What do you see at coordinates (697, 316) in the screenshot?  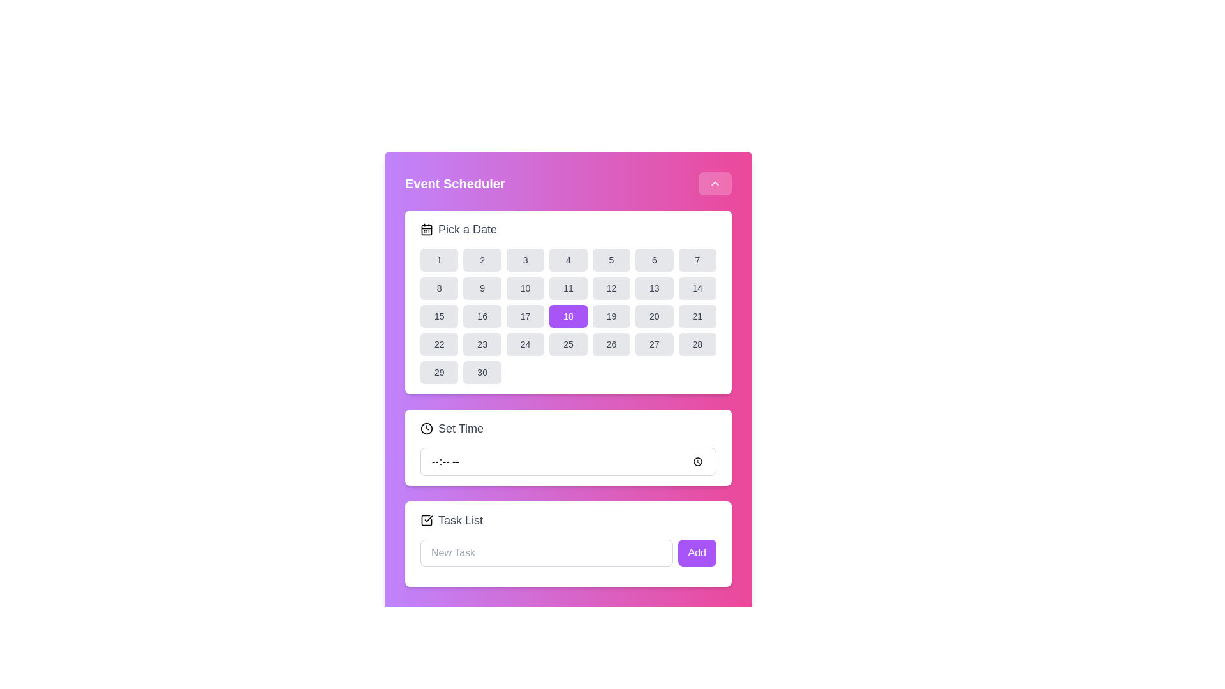 I see `the rectangular button with rounded corners labeled '21'` at bounding box center [697, 316].